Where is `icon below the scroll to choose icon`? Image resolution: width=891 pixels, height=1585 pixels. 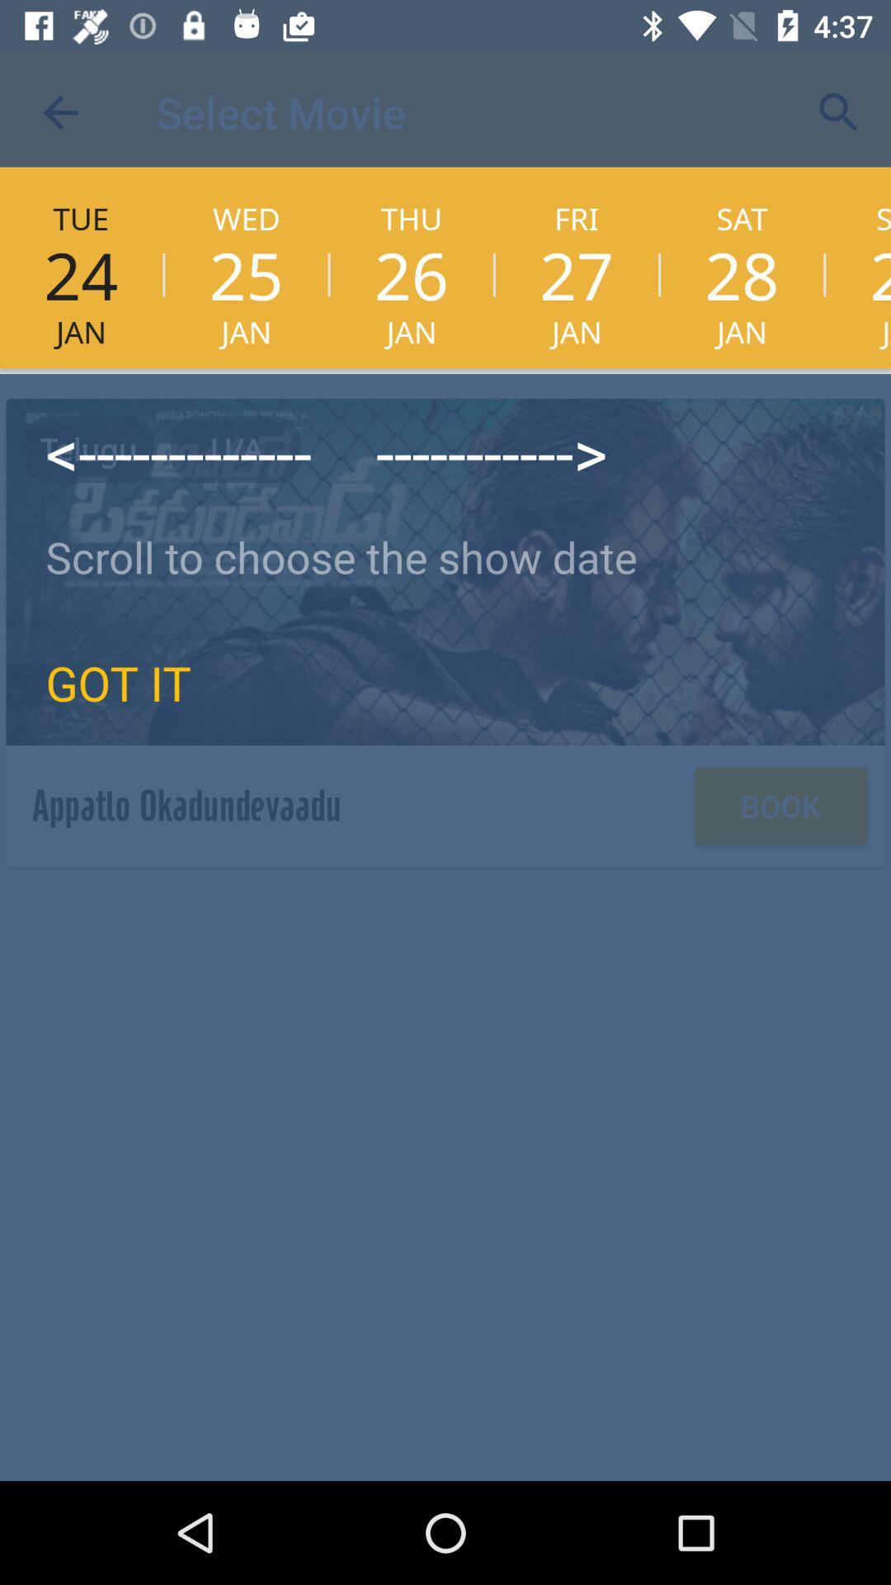 icon below the scroll to choose icon is located at coordinates (117, 682).